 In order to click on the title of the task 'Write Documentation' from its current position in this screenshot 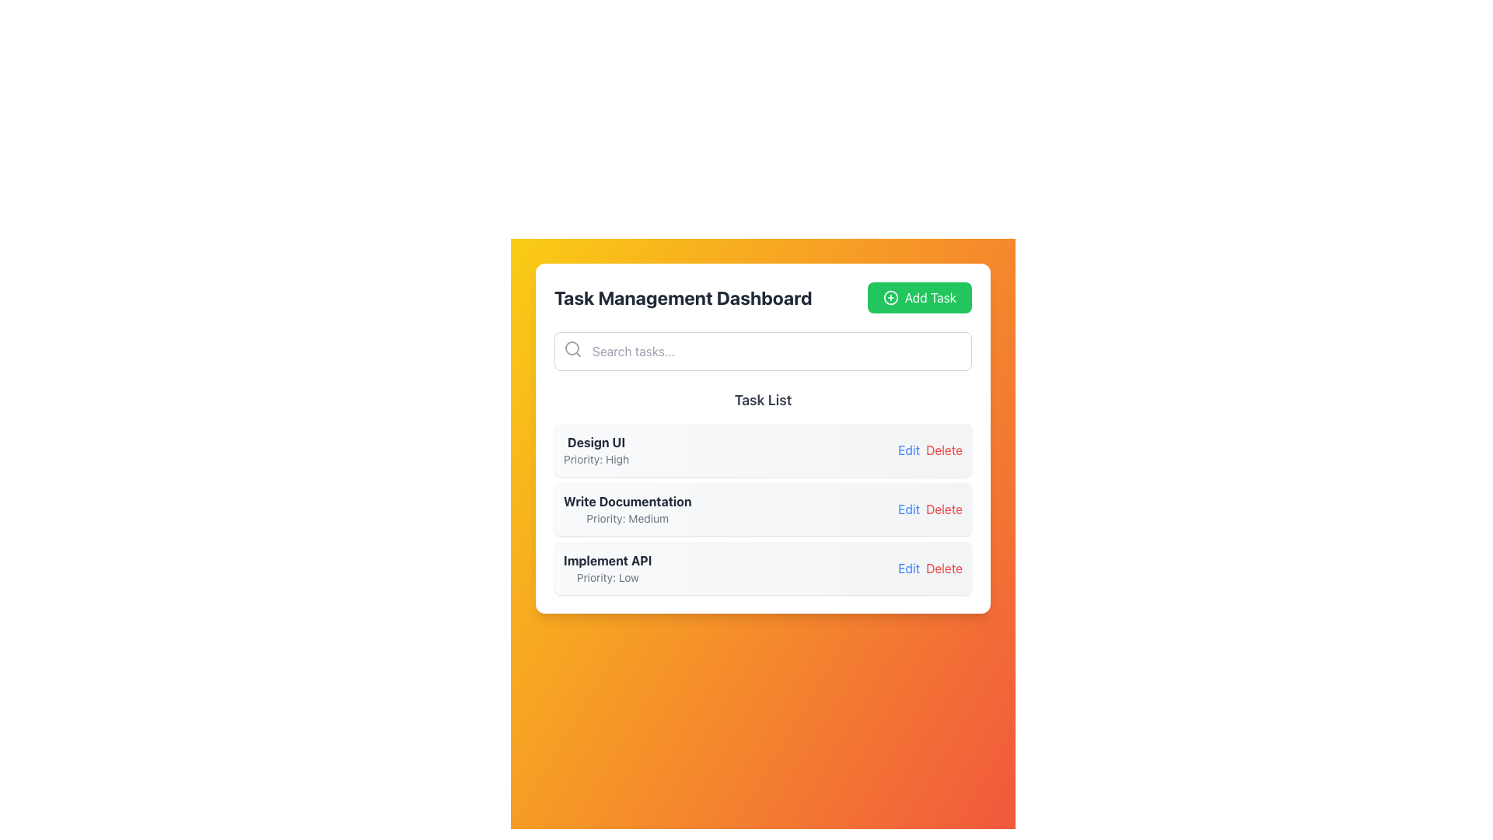, I will do `click(628, 501)`.